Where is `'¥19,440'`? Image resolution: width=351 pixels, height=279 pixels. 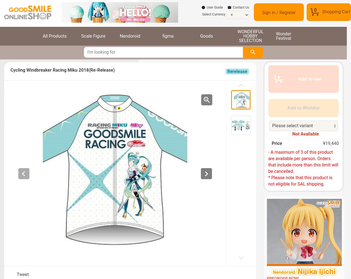
'¥19,440' is located at coordinates (331, 143).